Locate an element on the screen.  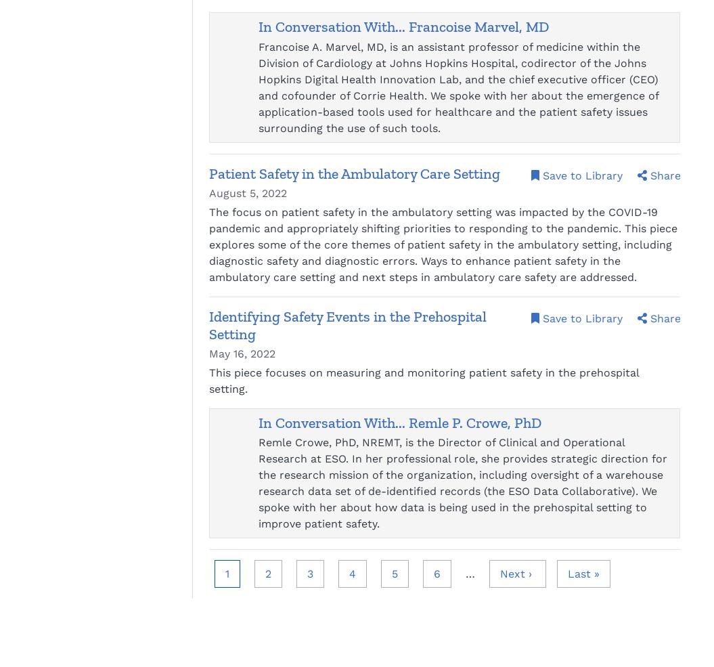
'6' is located at coordinates (437, 573).